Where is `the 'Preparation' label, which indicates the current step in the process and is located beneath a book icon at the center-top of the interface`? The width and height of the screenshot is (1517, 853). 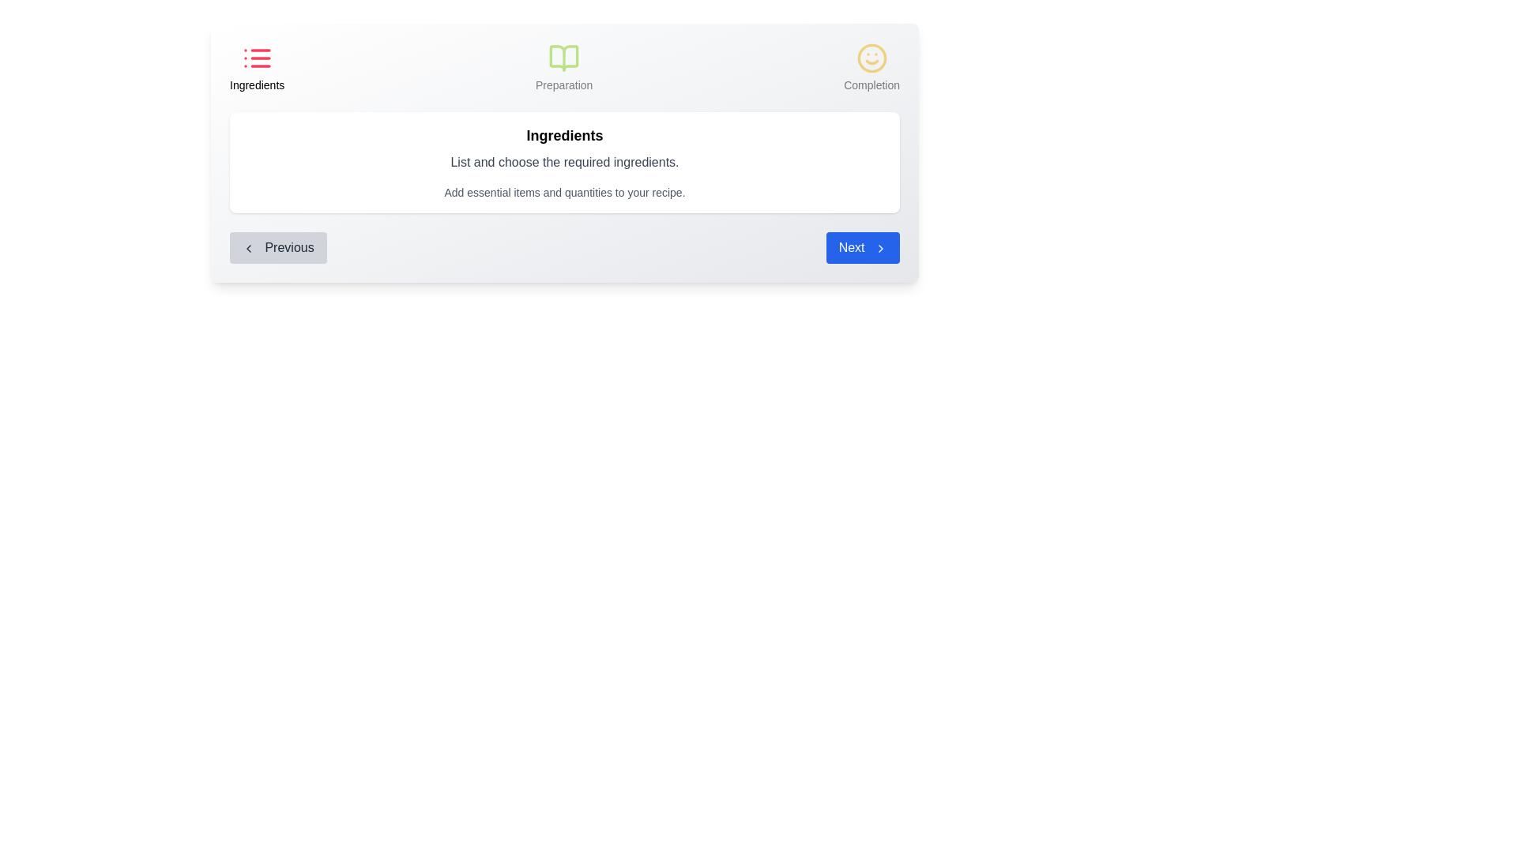 the 'Preparation' label, which indicates the current step in the process and is located beneath a book icon at the center-top of the interface is located at coordinates (564, 85).